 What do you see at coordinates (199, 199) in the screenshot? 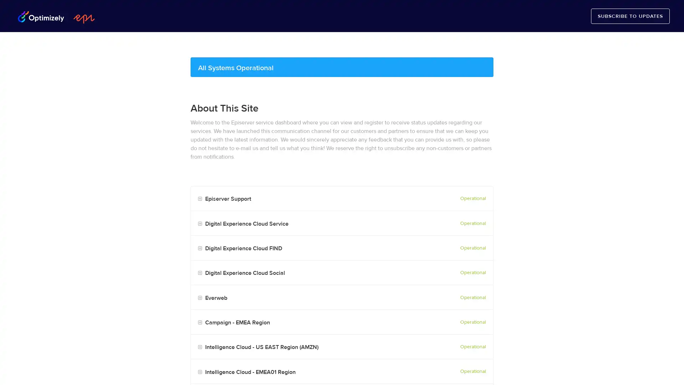
I see `Toggle Episerver Support` at bounding box center [199, 199].